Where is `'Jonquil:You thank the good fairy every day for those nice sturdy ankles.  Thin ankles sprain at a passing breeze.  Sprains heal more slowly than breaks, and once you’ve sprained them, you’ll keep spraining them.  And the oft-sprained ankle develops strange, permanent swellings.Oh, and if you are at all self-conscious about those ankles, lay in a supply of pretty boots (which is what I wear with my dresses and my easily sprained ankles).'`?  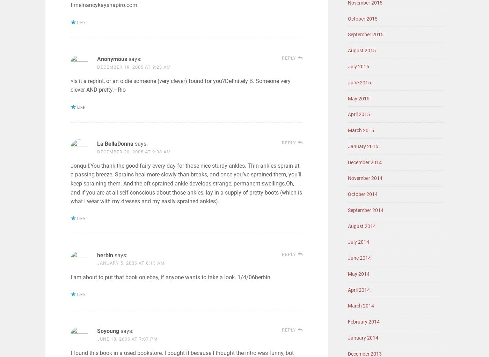 'Jonquil:You thank the good fairy every day for those nice sturdy ankles.  Thin ankles sprain at a passing breeze.  Sprains heal more slowly than breaks, and once you’ve sprained them, you’ll keep spraining them.  And the oft-sprained ankle develops strange, permanent swellings.Oh, and if you are at all self-conscious about those ankles, lay in a supply of pretty boots (which is what I wear with my dresses and my easily sprained ankles).' is located at coordinates (186, 183).